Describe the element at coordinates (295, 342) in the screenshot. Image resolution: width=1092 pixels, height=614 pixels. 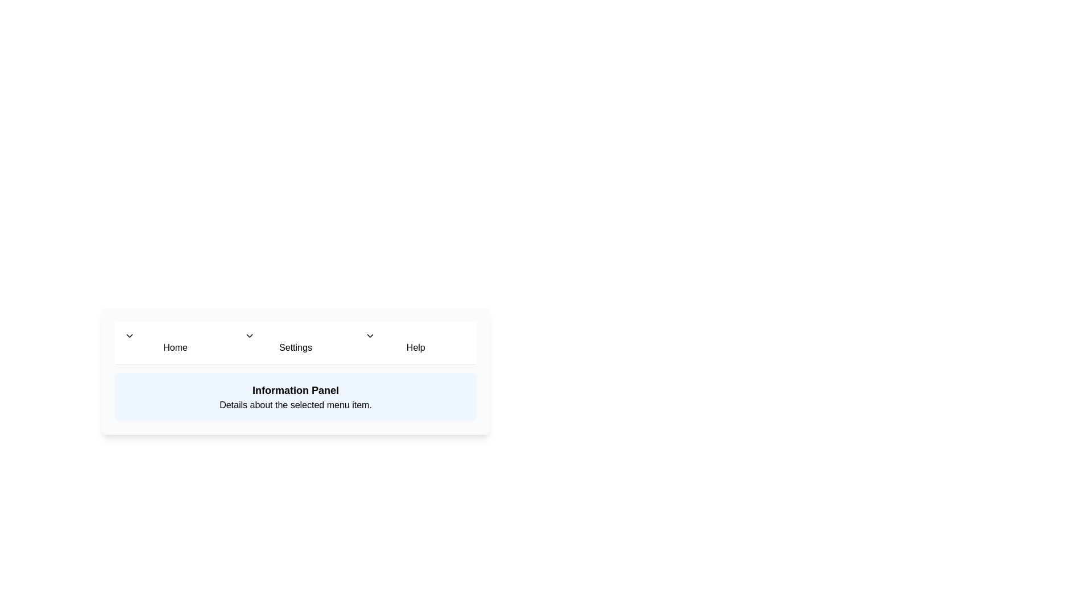
I see `the menu item labeled Settings` at that location.